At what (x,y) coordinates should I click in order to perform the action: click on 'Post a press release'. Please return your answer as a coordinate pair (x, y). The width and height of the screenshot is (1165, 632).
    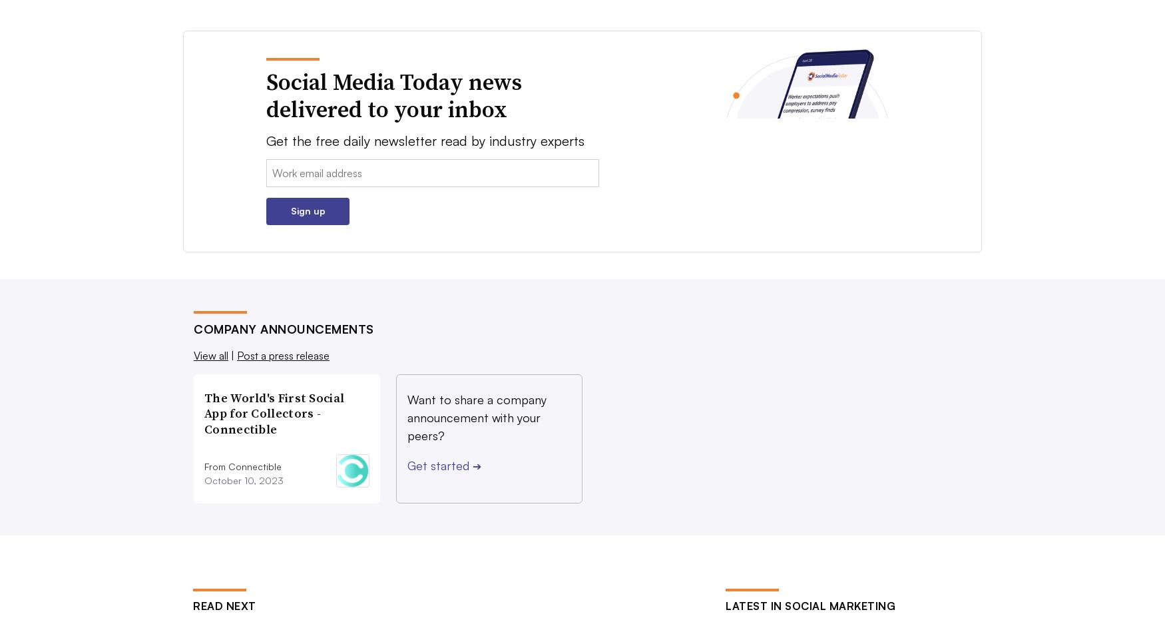
    Looking at the image, I should click on (282, 355).